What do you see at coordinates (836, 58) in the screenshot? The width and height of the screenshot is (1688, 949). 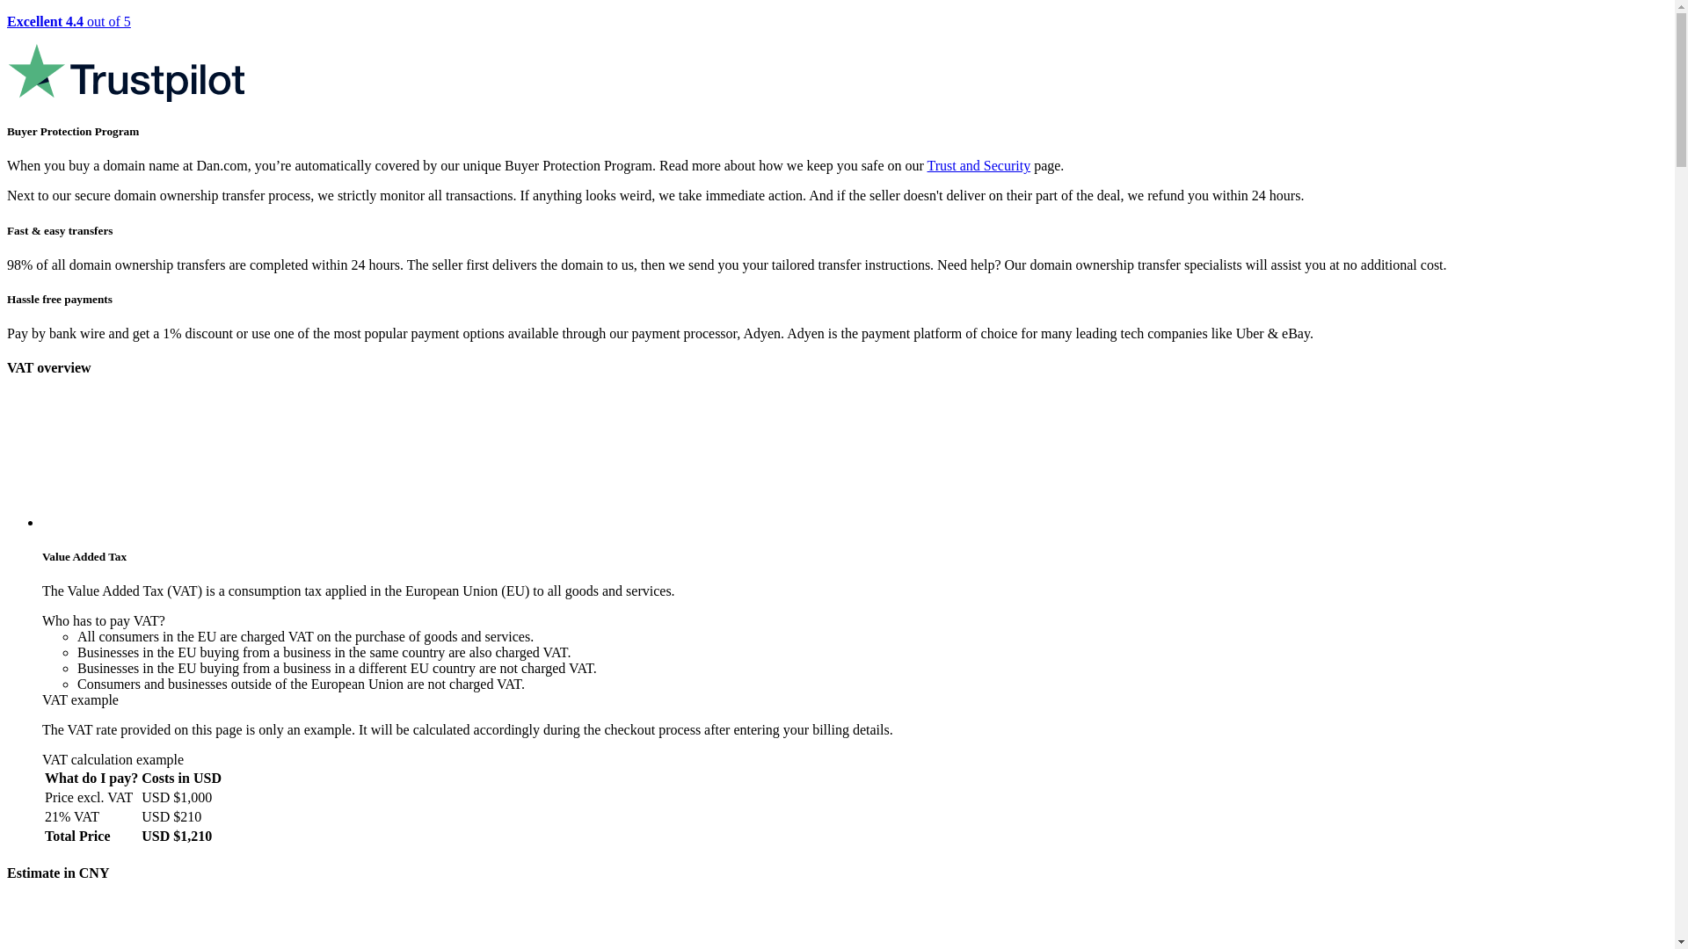 I see `'Excellent 4.4 out of 5'` at bounding box center [836, 58].